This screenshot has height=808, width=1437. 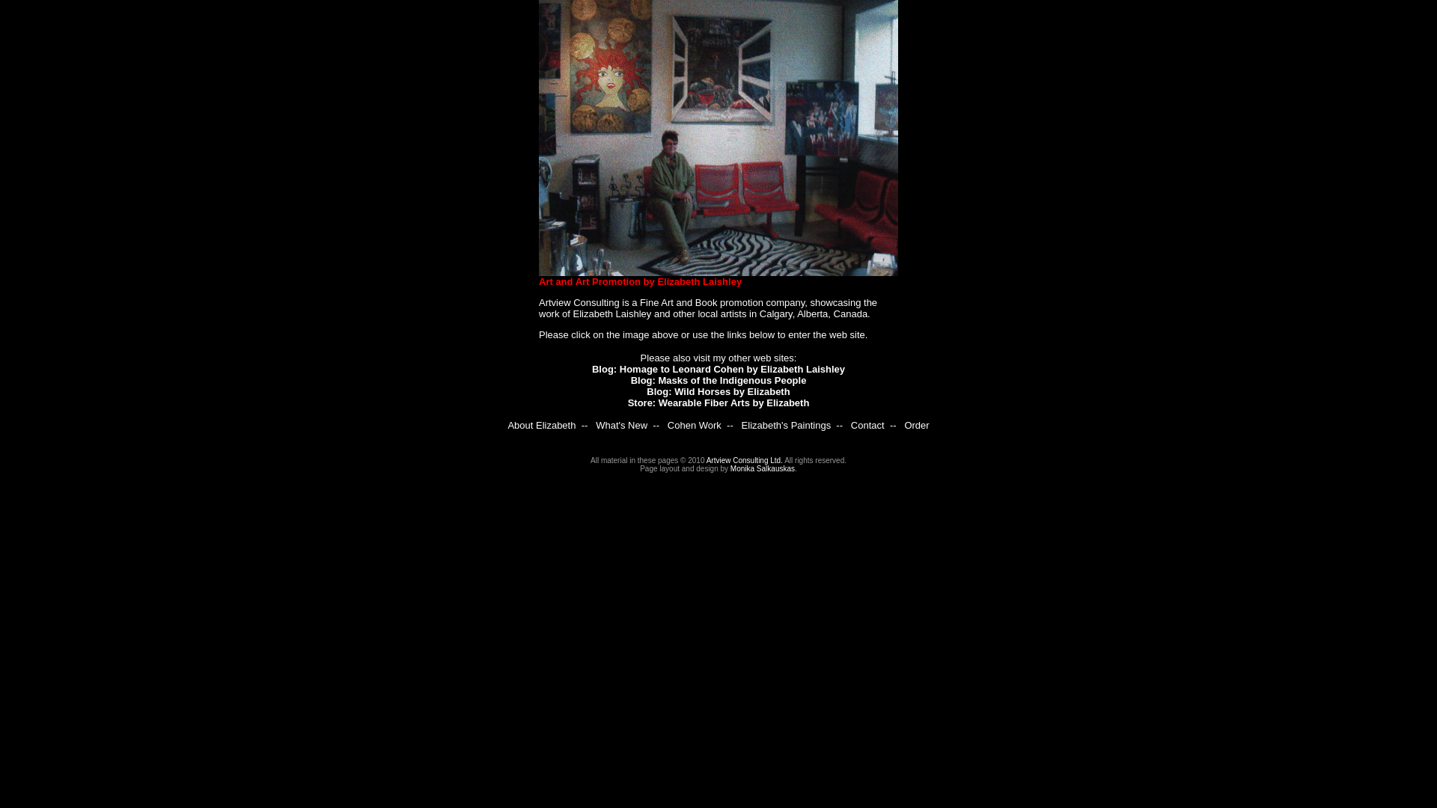 I want to click on 'Cohen Work', so click(x=667, y=425).